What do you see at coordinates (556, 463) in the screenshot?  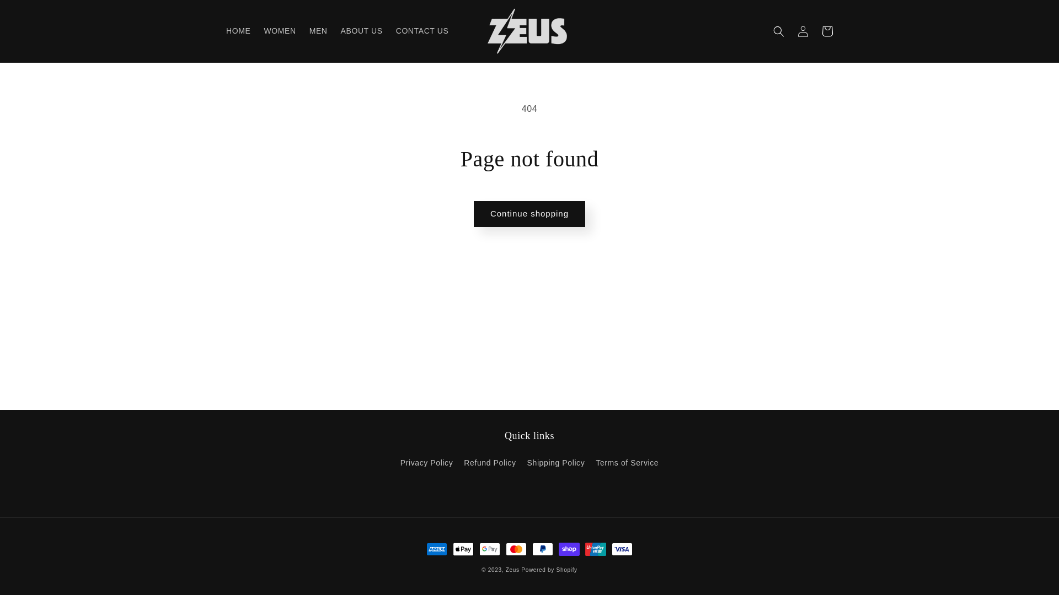 I see `'Shipping Policy'` at bounding box center [556, 463].